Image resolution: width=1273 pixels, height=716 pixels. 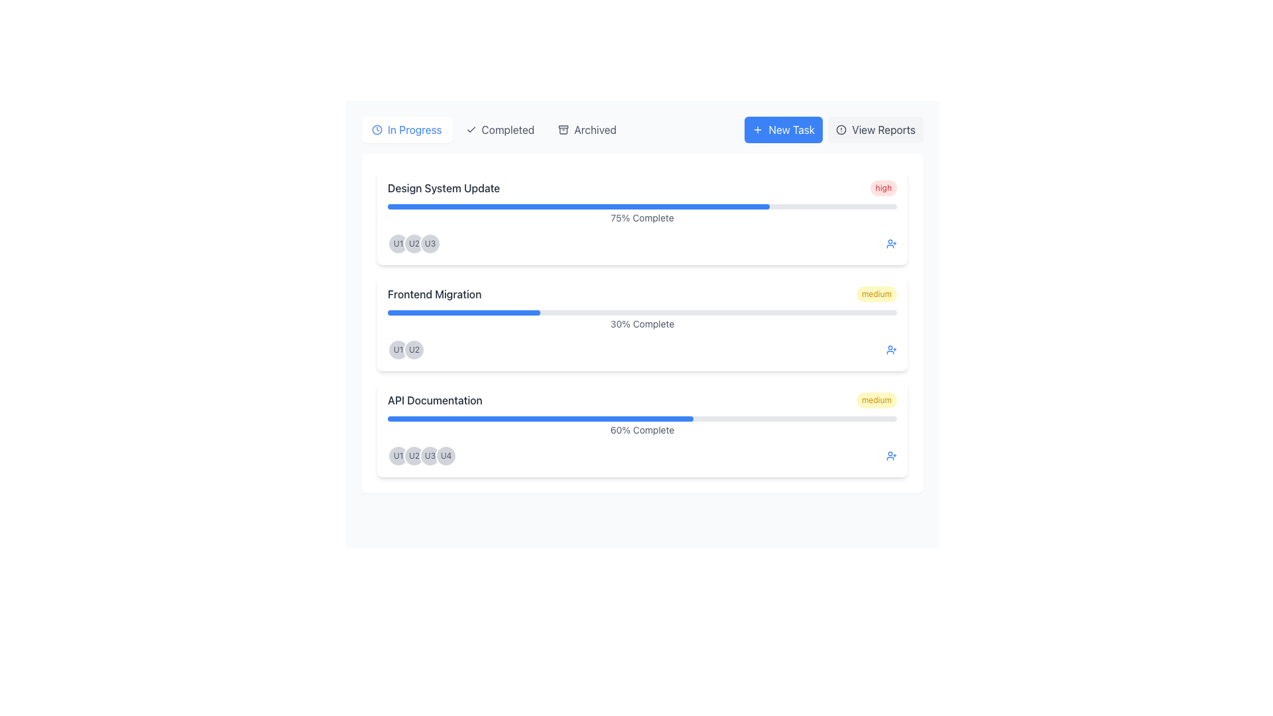 What do you see at coordinates (642, 427) in the screenshot?
I see `the Text Label located within the 'API Documentation' component in the third card from the top, positioned beneath the title and progress bar` at bounding box center [642, 427].